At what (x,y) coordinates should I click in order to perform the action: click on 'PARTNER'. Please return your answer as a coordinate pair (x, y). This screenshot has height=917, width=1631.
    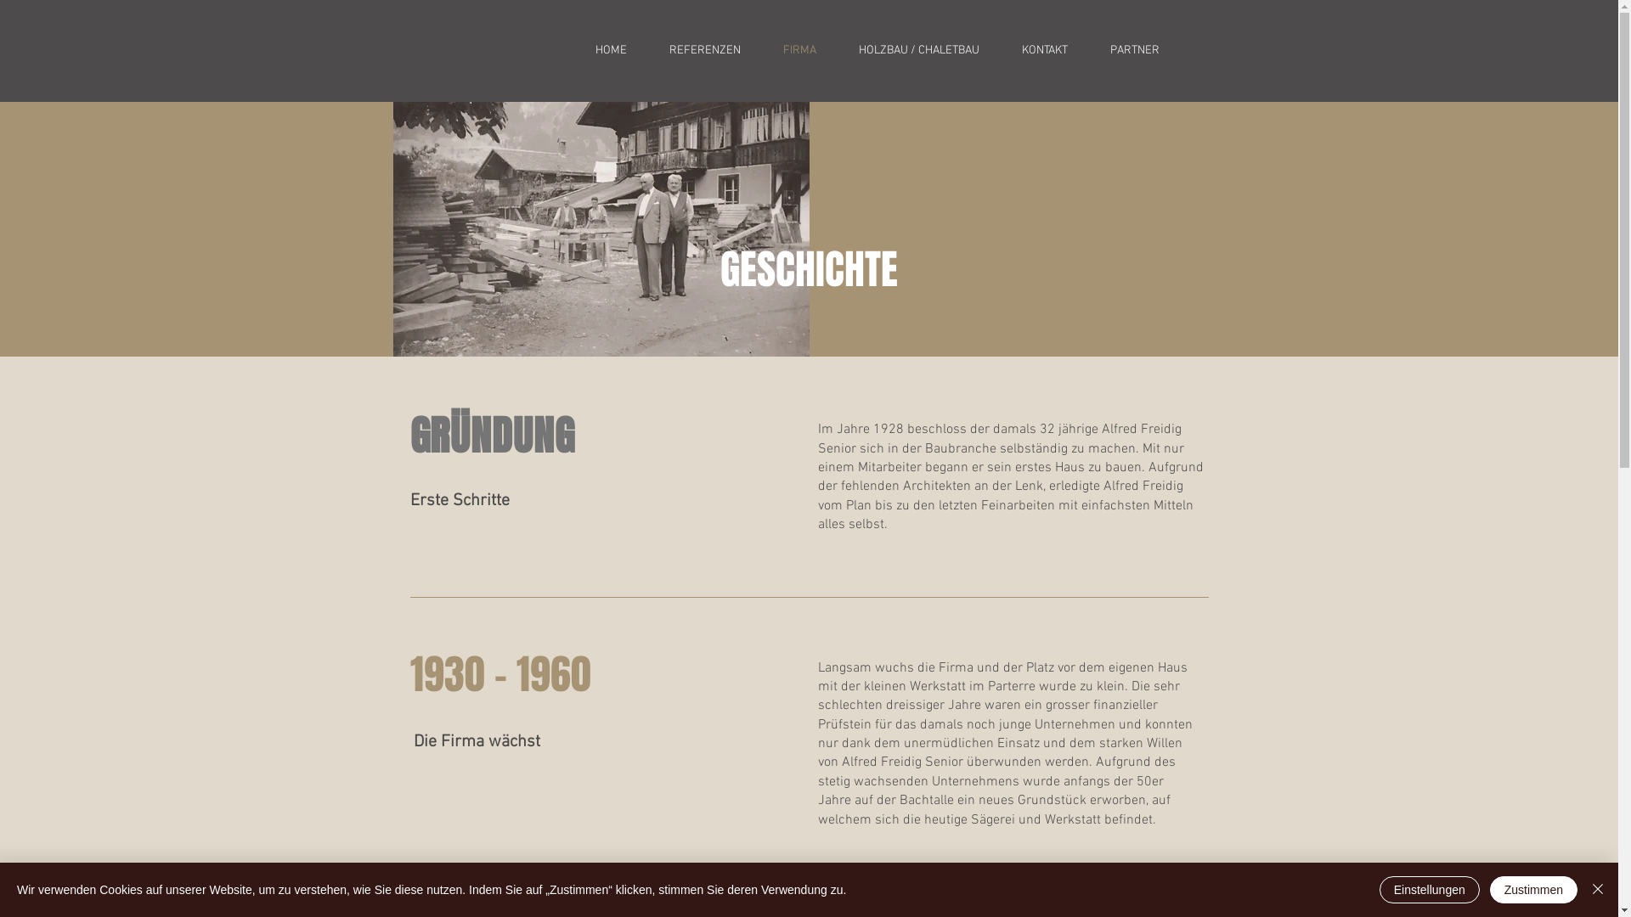
    Looking at the image, I should click on (1134, 50).